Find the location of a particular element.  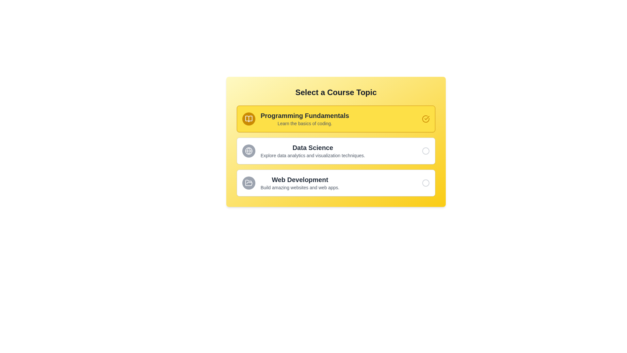

the radio button for the 'Web Development' option located at the bottom of the course topics list is located at coordinates (426, 183).